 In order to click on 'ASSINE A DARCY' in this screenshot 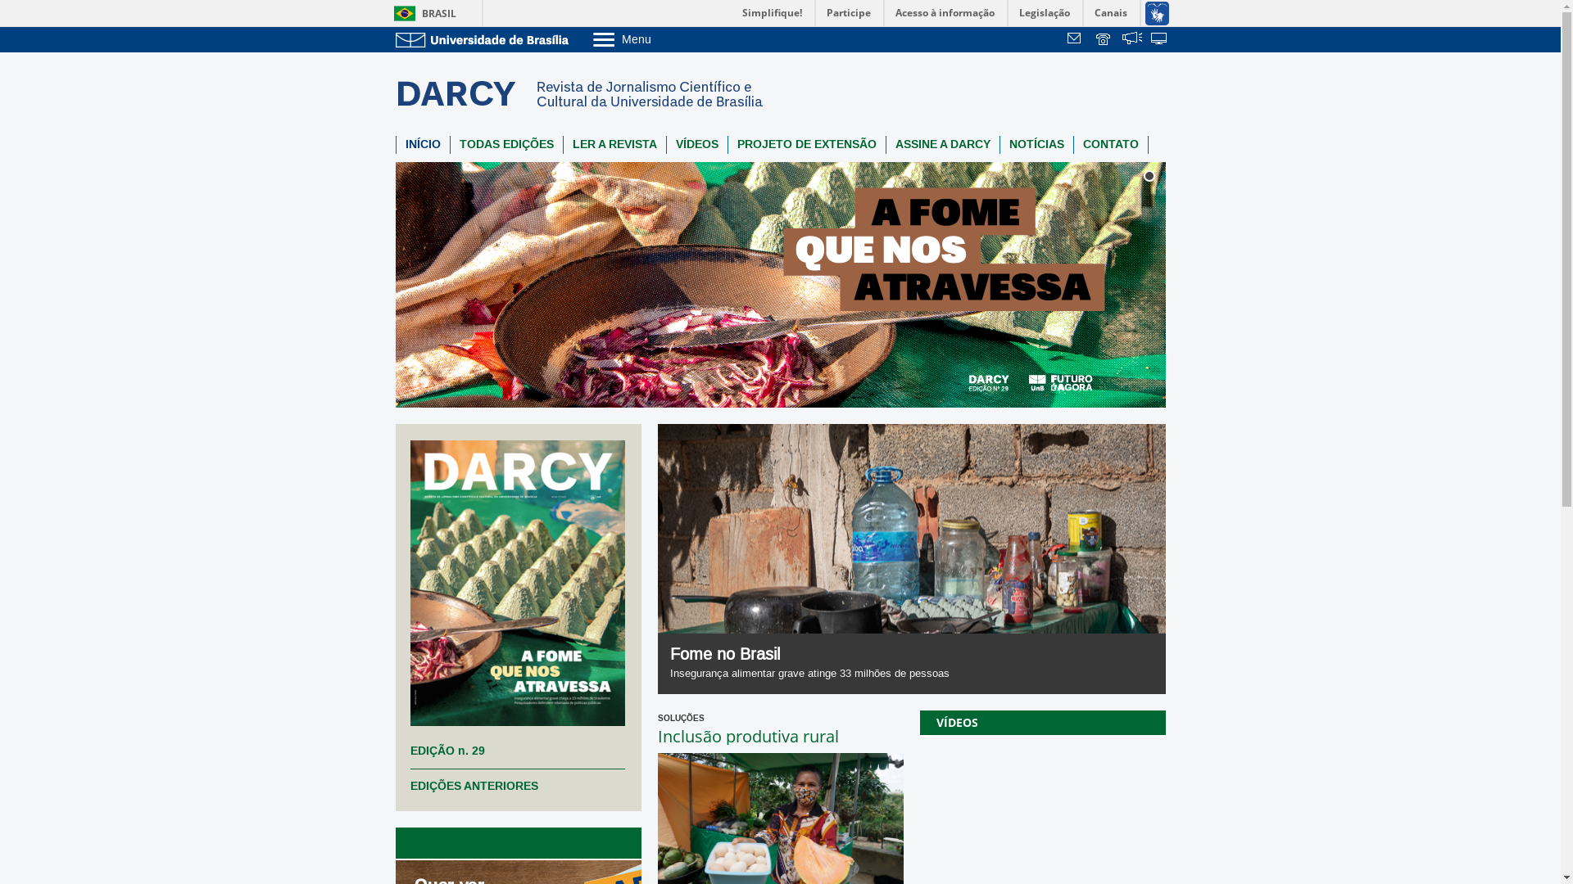, I will do `click(943, 144)`.